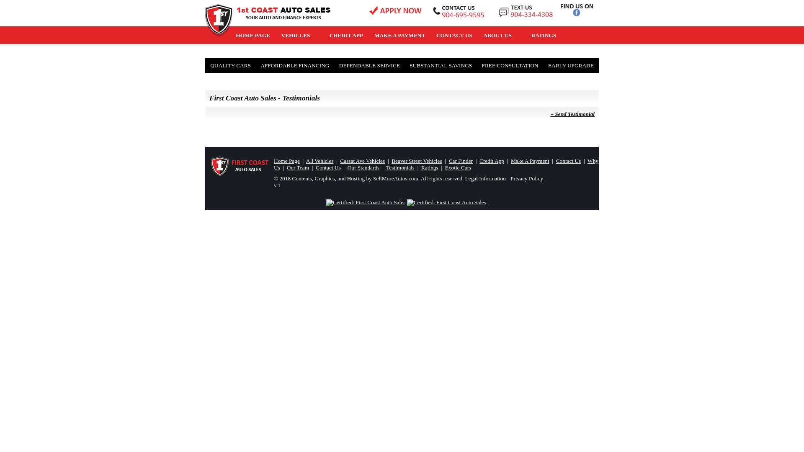 This screenshot has height=452, width=804. Describe the element at coordinates (416, 161) in the screenshot. I see `'Beaver Street Vehicles'` at that location.